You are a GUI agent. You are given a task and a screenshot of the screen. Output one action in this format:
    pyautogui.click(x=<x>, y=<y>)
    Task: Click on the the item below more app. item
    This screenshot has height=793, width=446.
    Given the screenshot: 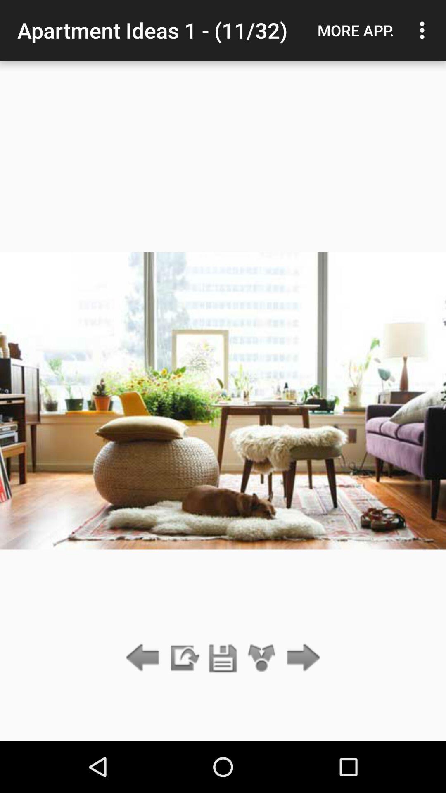 What is the action you would take?
    pyautogui.click(x=301, y=658)
    